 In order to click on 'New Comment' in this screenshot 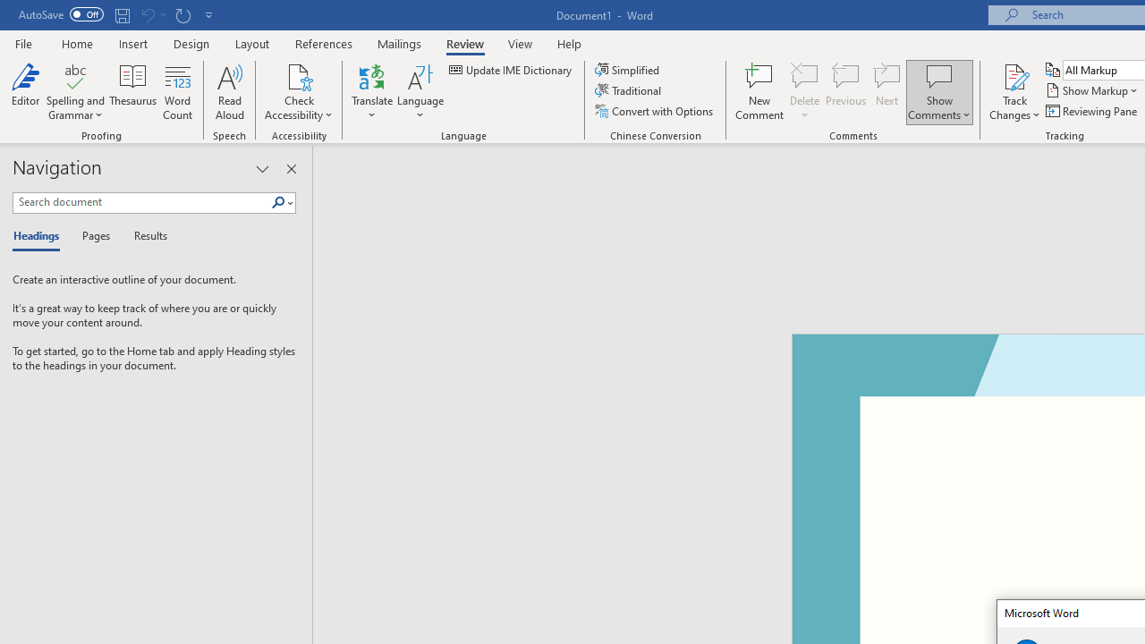, I will do `click(759, 92)`.